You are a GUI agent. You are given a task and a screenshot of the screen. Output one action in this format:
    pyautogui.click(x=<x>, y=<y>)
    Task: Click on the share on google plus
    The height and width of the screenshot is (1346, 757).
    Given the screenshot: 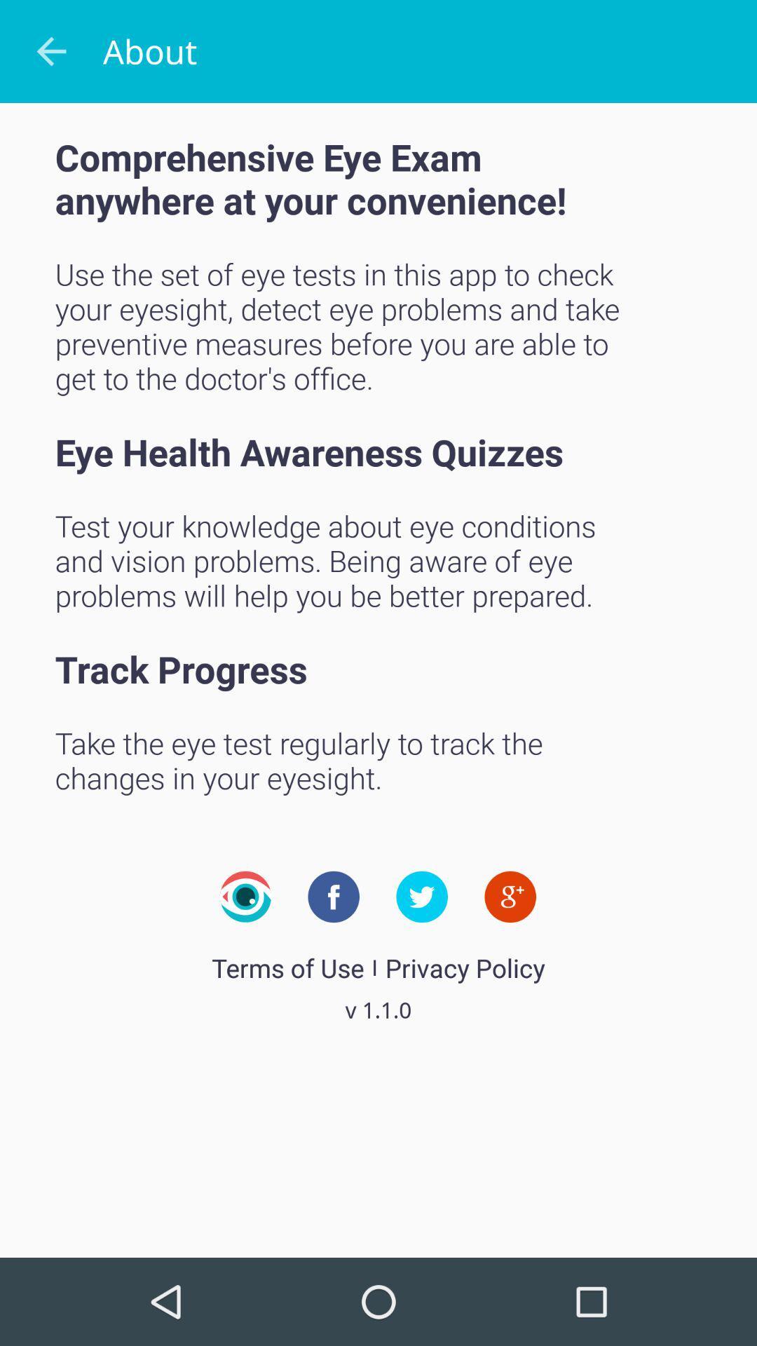 What is the action you would take?
    pyautogui.click(x=510, y=896)
    